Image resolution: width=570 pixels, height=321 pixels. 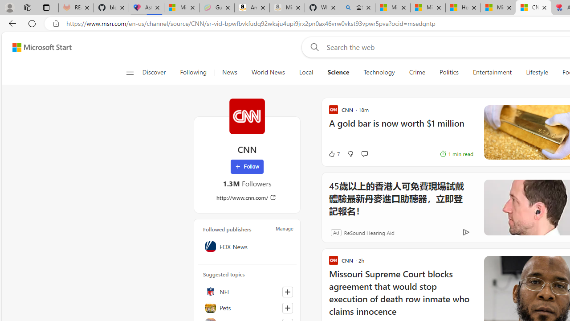 What do you see at coordinates (157, 72) in the screenshot?
I see `'Discover'` at bounding box center [157, 72].